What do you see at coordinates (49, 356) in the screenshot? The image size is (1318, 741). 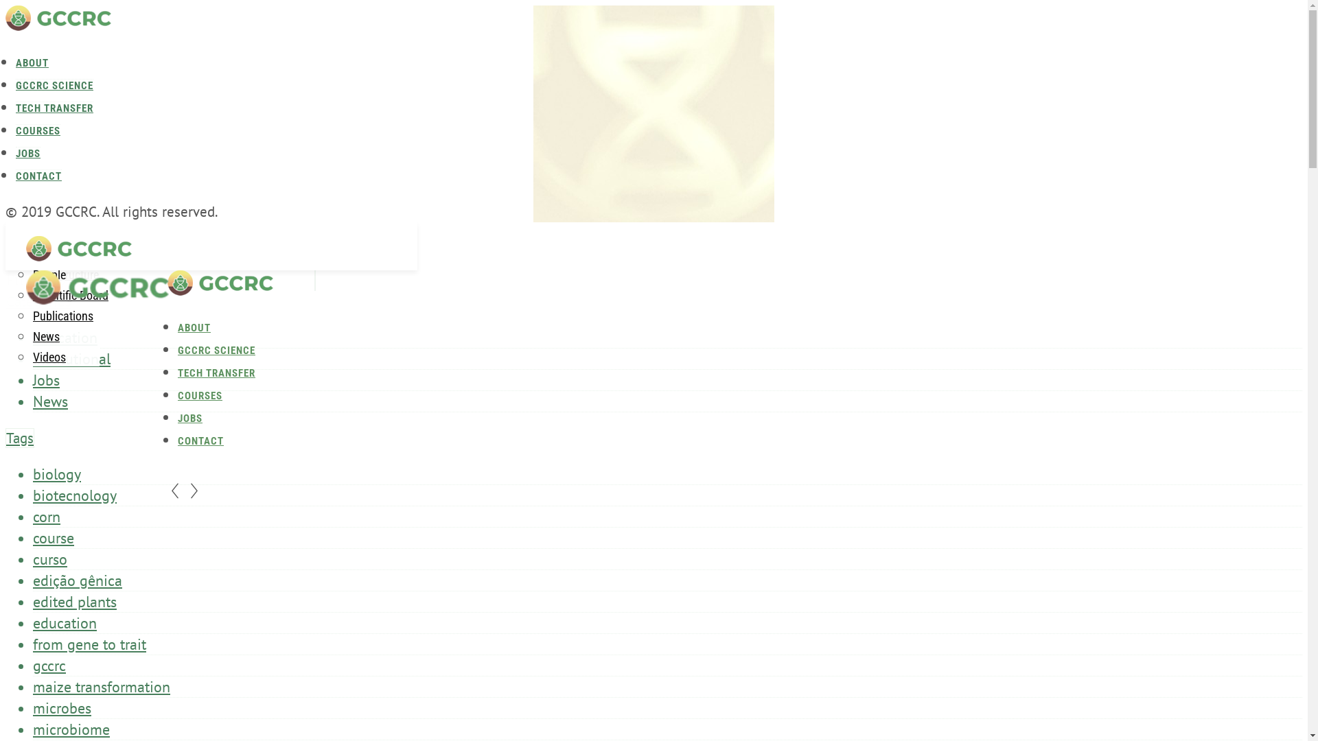 I see `'Videos'` at bounding box center [49, 356].